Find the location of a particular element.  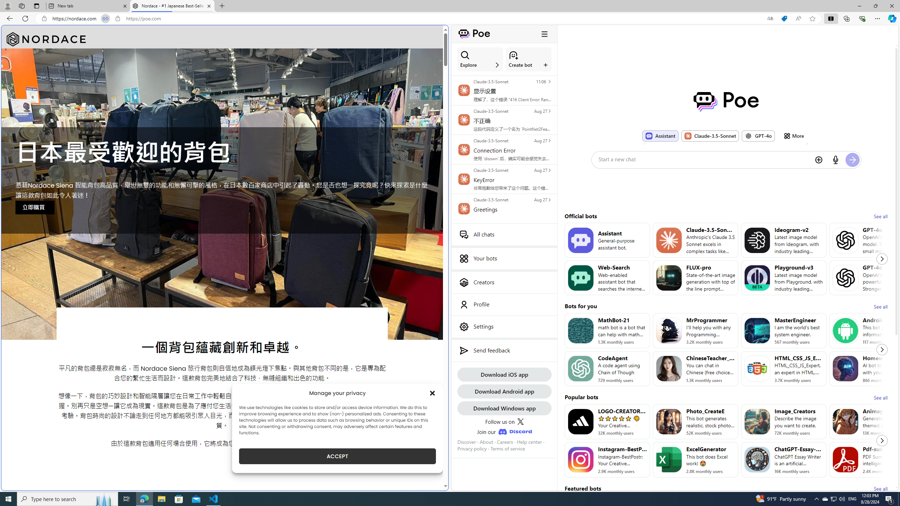

'Class: JoinDiscordLink_discordIcon__Xw13A' is located at coordinates (515, 432).